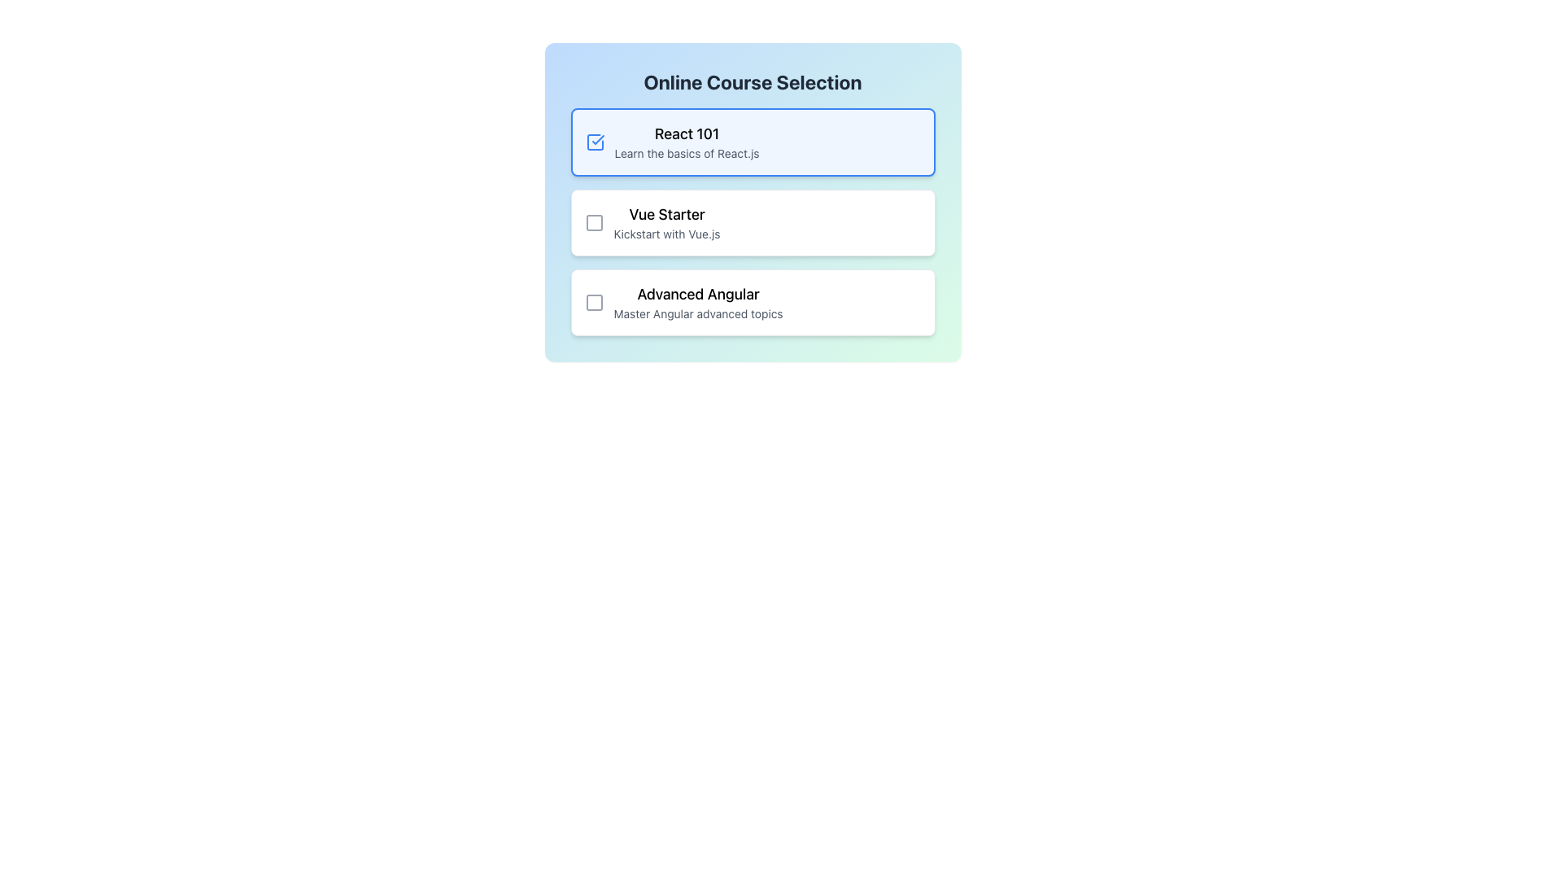  Describe the element at coordinates (687, 154) in the screenshot. I see `the text snippet reading 'Learn the basics of React.js' located beneath the title 'React 101' in the 'Online Course Selection' interface` at that location.